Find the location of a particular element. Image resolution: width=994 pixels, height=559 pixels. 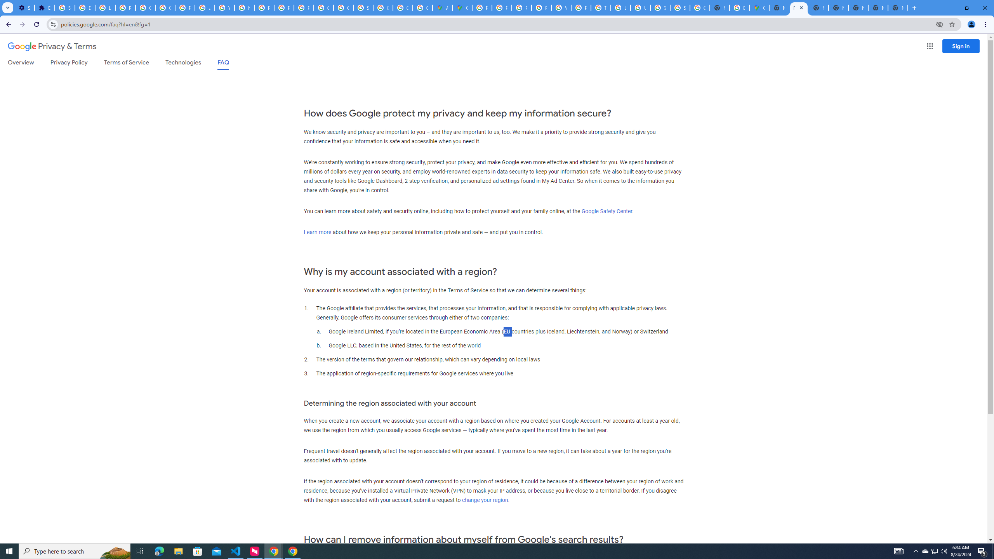

'New Tab' is located at coordinates (897, 7).